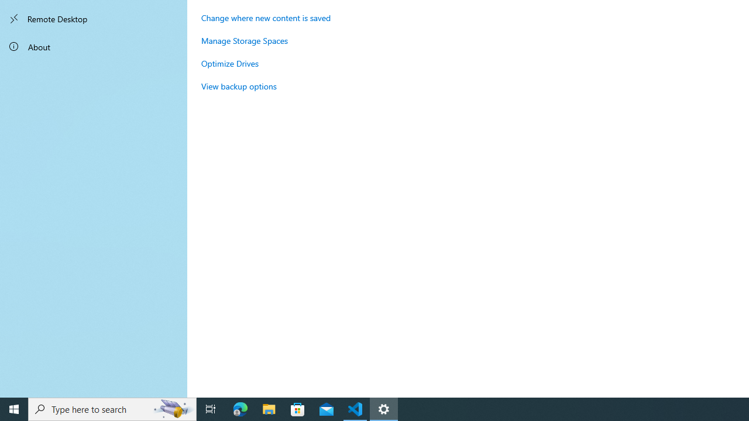 Image resolution: width=749 pixels, height=421 pixels. Describe the element at coordinates (172, 408) in the screenshot. I see `'Search highlights icon opens search home window'` at that location.